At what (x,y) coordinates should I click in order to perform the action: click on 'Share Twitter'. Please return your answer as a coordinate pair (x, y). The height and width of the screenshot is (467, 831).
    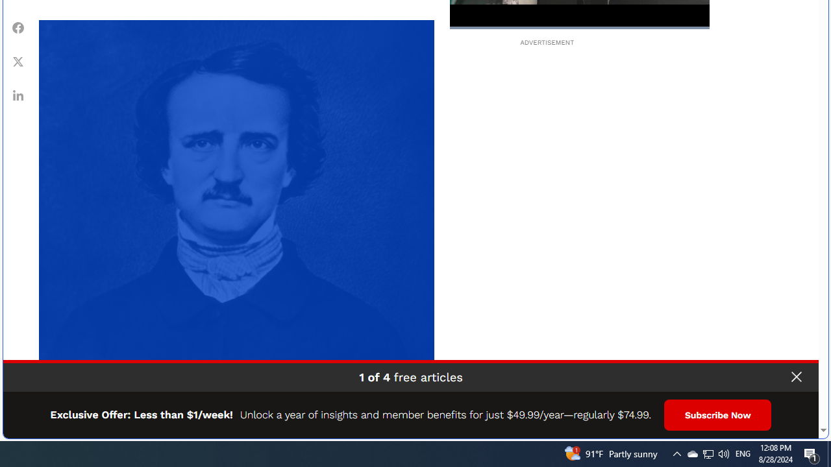
    Looking at the image, I should click on (18, 62).